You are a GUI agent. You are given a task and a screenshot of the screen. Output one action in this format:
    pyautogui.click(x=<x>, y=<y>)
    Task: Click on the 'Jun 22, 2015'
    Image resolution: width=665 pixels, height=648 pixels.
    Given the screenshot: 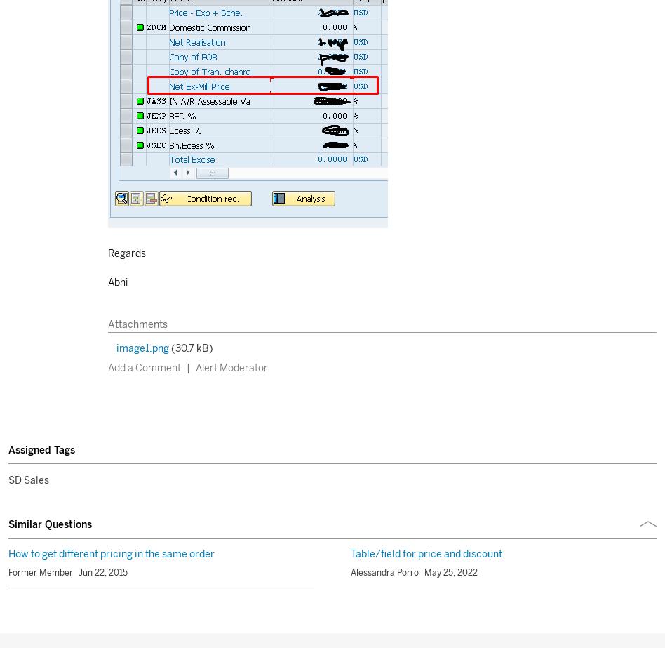 What is the action you would take?
    pyautogui.click(x=102, y=572)
    